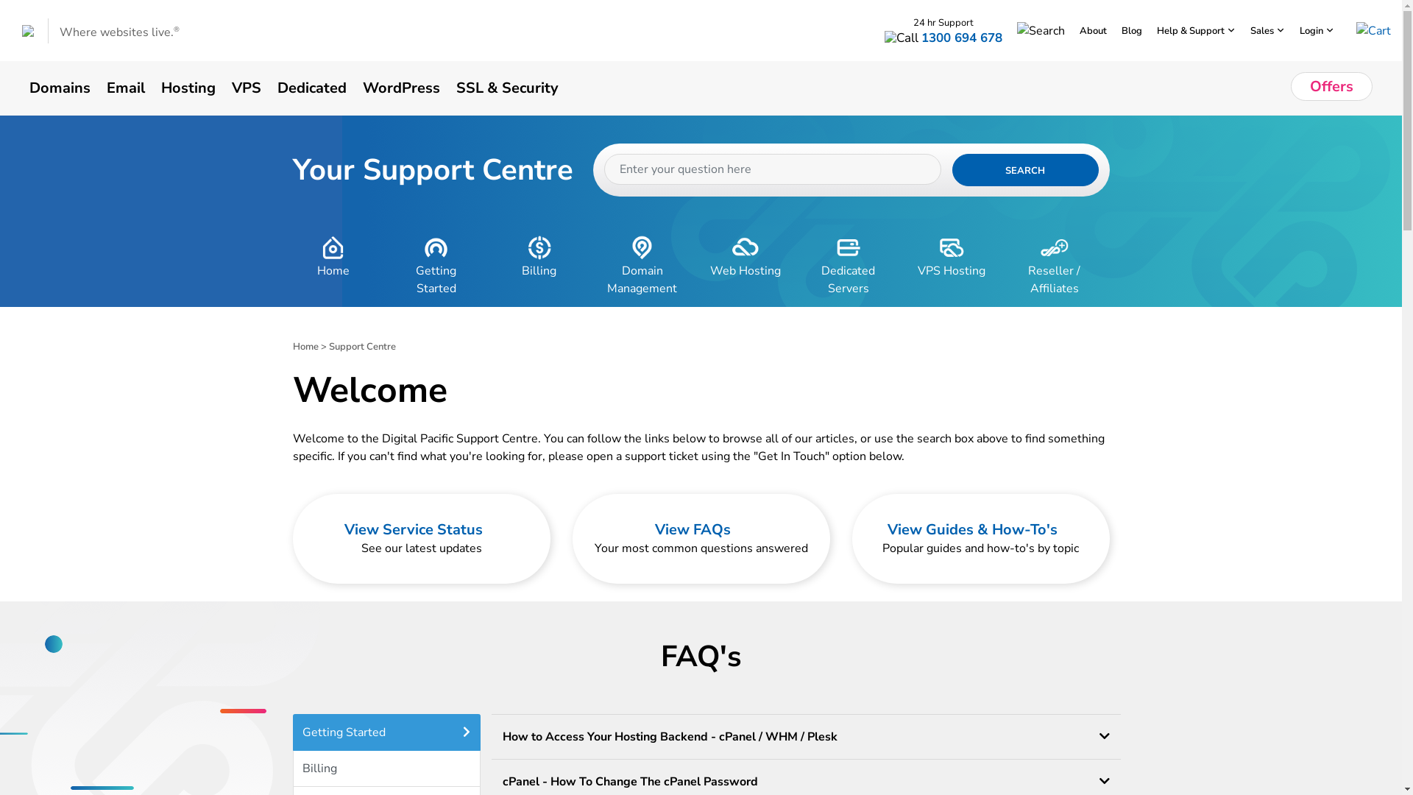 Image resolution: width=1413 pixels, height=795 pixels. I want to click on 'Hosting', so click(161, 88).